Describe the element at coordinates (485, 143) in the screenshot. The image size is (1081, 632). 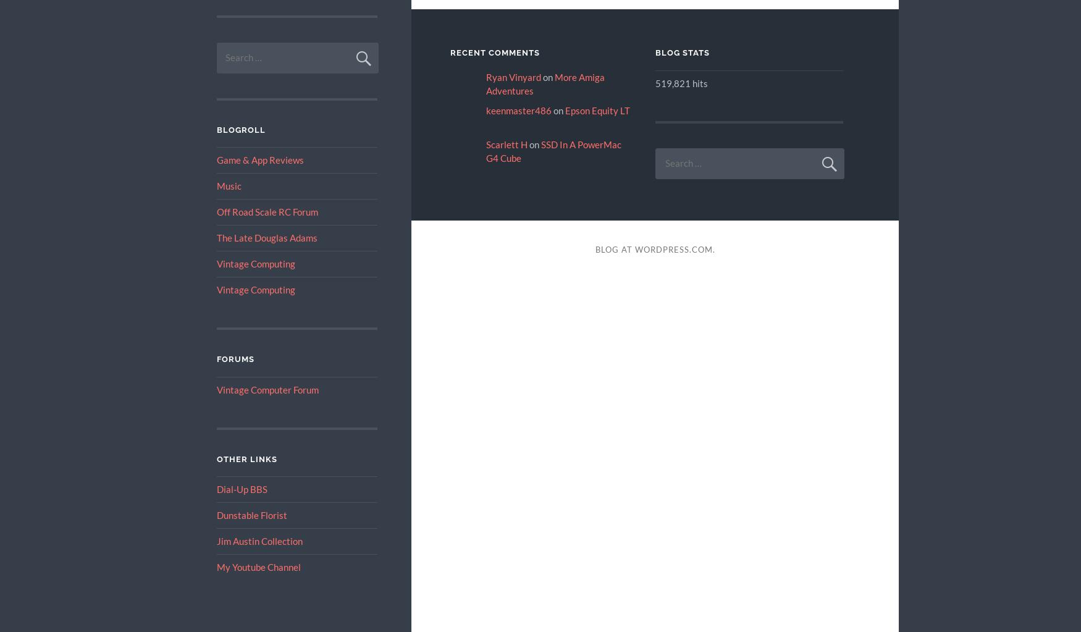
I see `'Scarlett H'` at that location.